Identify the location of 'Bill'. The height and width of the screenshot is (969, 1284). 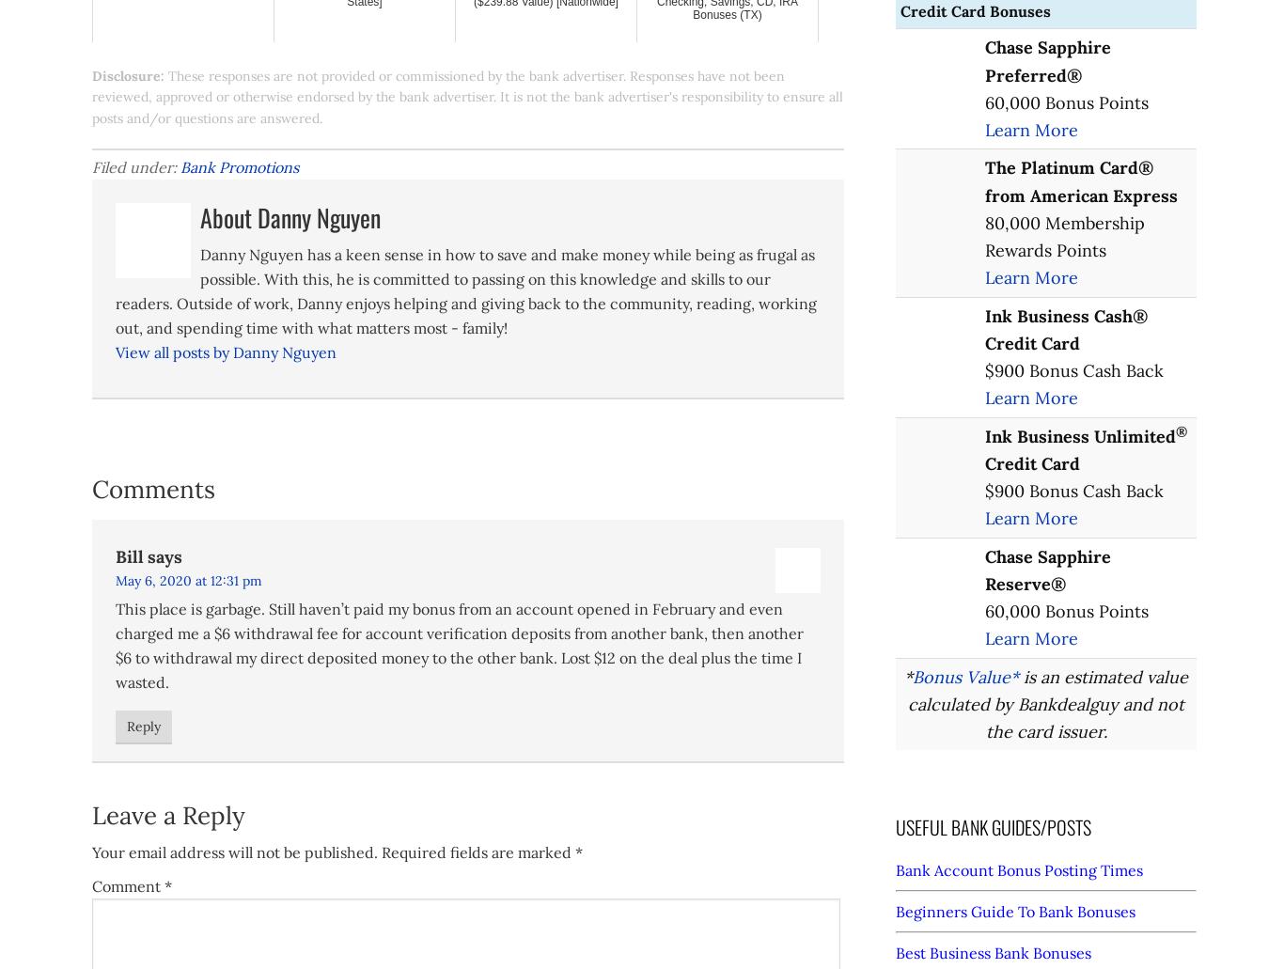
(128, 555).